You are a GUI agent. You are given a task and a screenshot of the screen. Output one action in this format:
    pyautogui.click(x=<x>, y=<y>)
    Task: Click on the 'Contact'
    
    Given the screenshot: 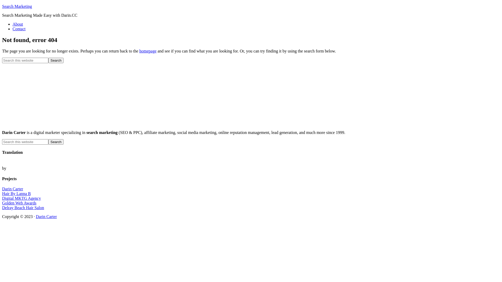 What is the action you would take?
    pyautogui.click(x=19, y=29)
    